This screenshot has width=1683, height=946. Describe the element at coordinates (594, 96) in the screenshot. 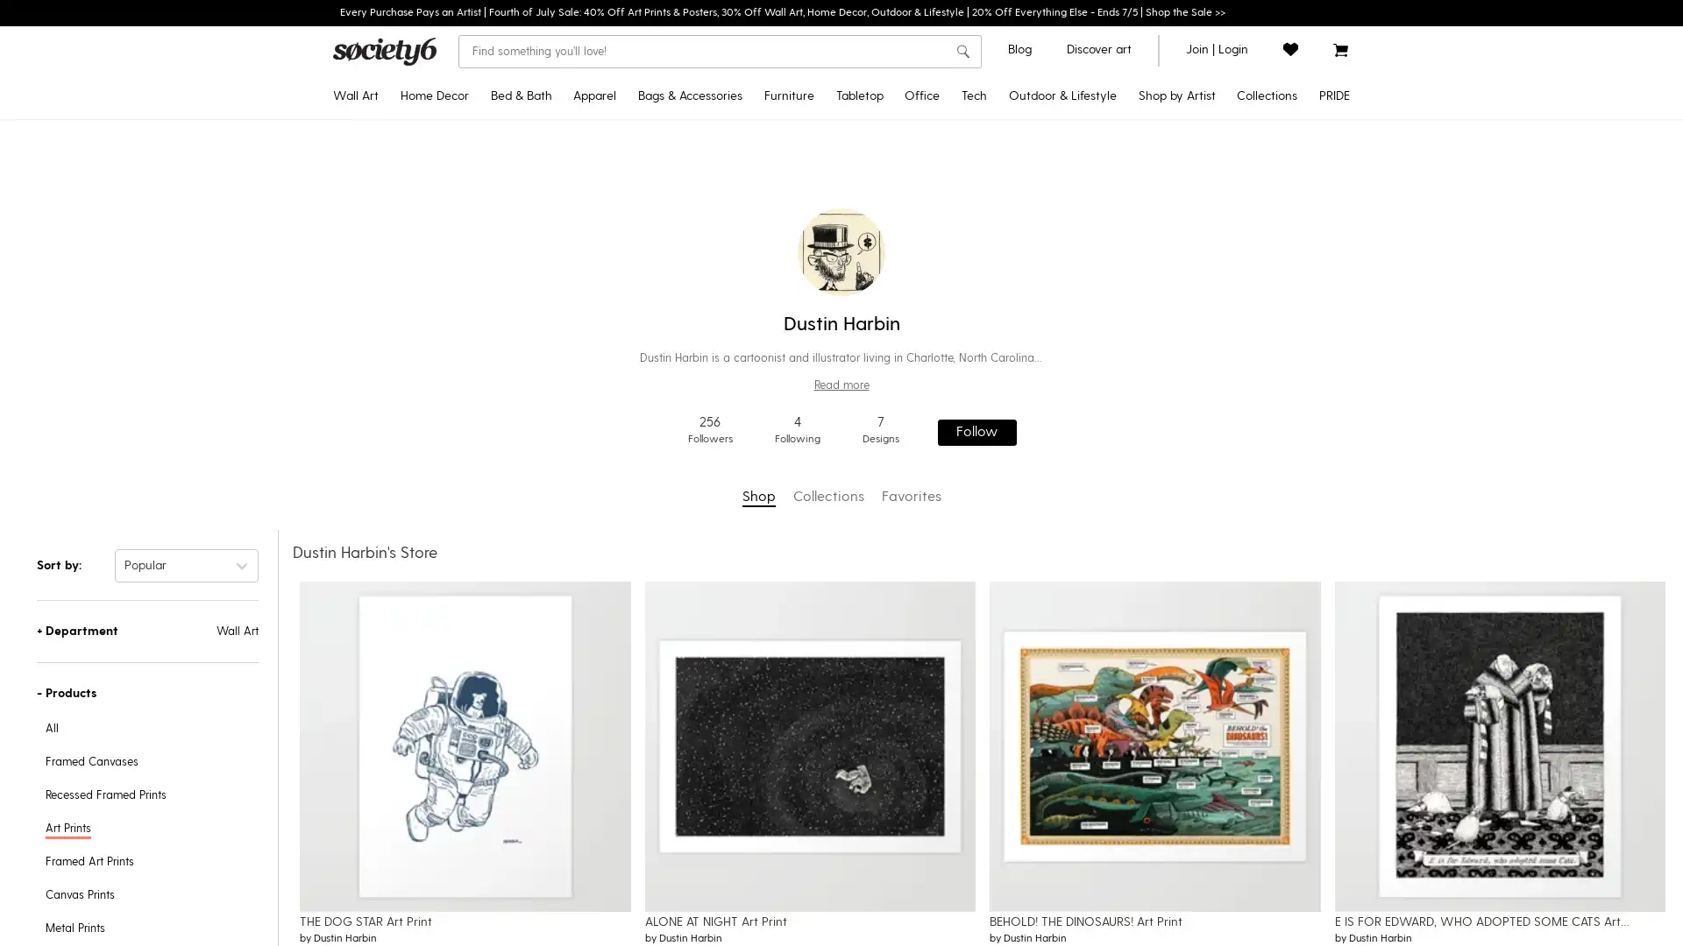

I see `Apparel` at that location.